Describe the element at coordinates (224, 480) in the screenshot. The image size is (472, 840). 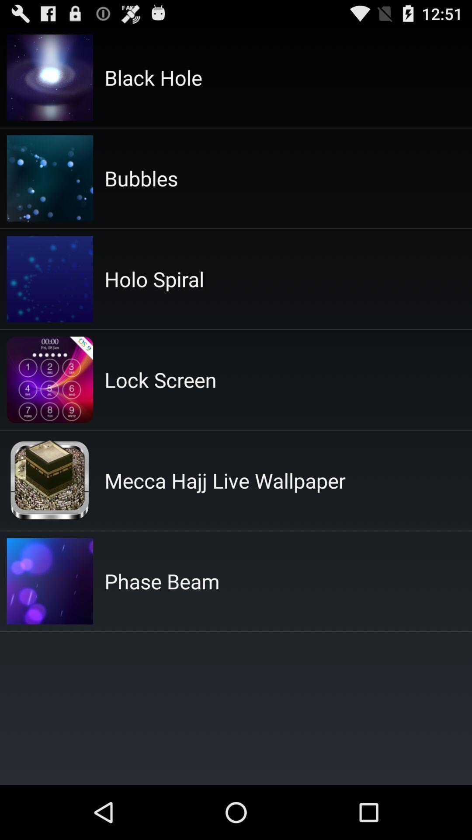
I see `the icon below lock screen` at that location.